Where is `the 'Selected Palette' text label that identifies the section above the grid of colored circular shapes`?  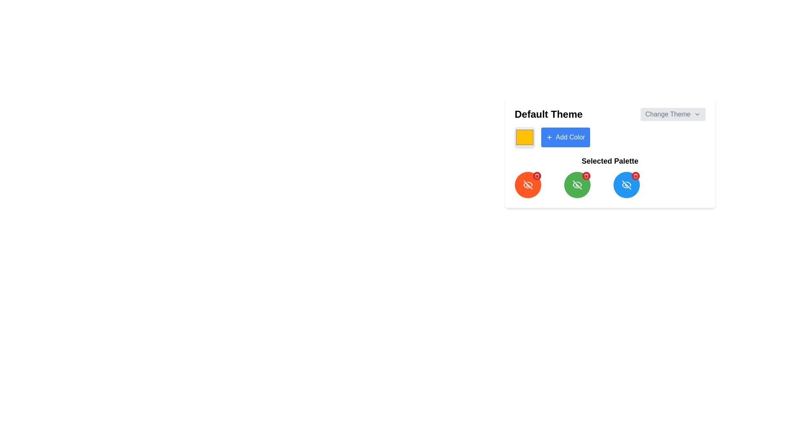 the 'Selected Palette' text label that identifies the section above the grid of colored circular shapes is located at coordinates (610, 161).